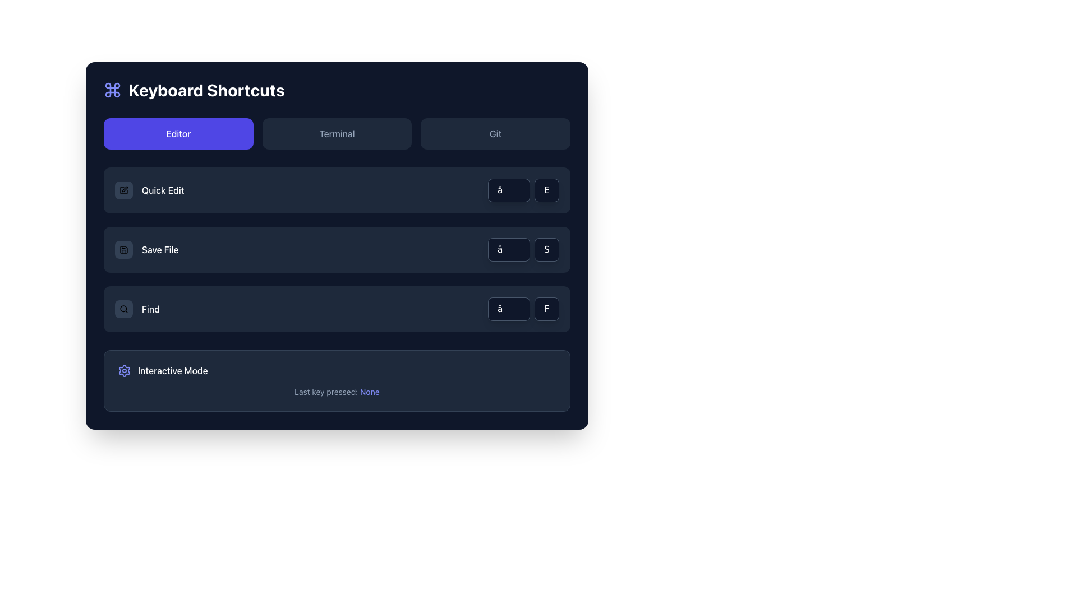 The image size is (1077, 605). What do you see at coordinates (159, 249) in the screenshot?
I see `the text label indicating the save files menu option, which is aligned to the right side in the second list item under 'Keyboard Shortcuts'` at bounding box center [159, 249].